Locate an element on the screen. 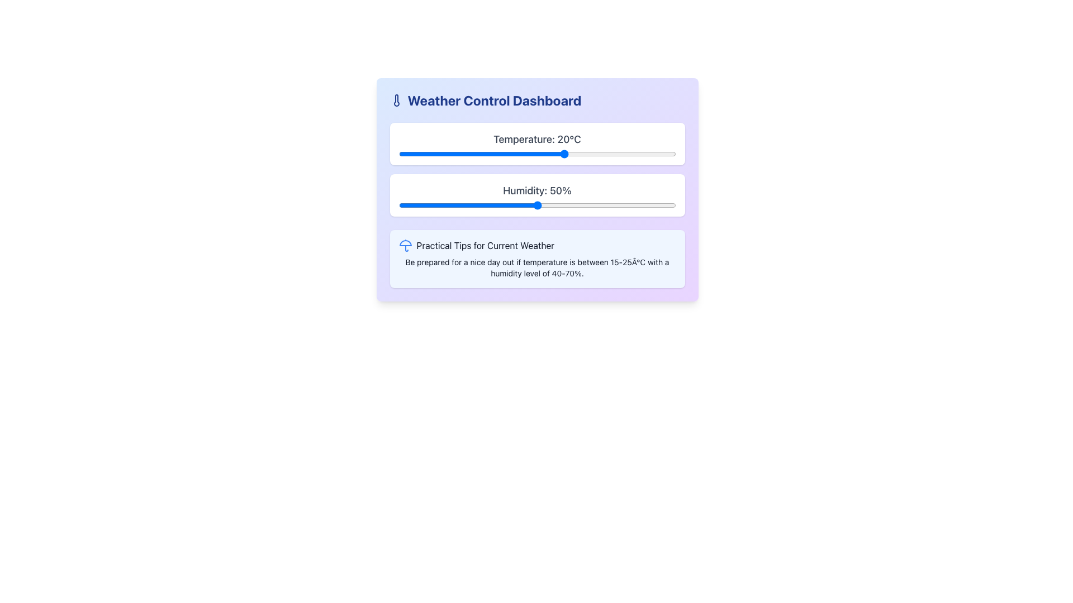  the humidity is located at coordinates (423, 205).